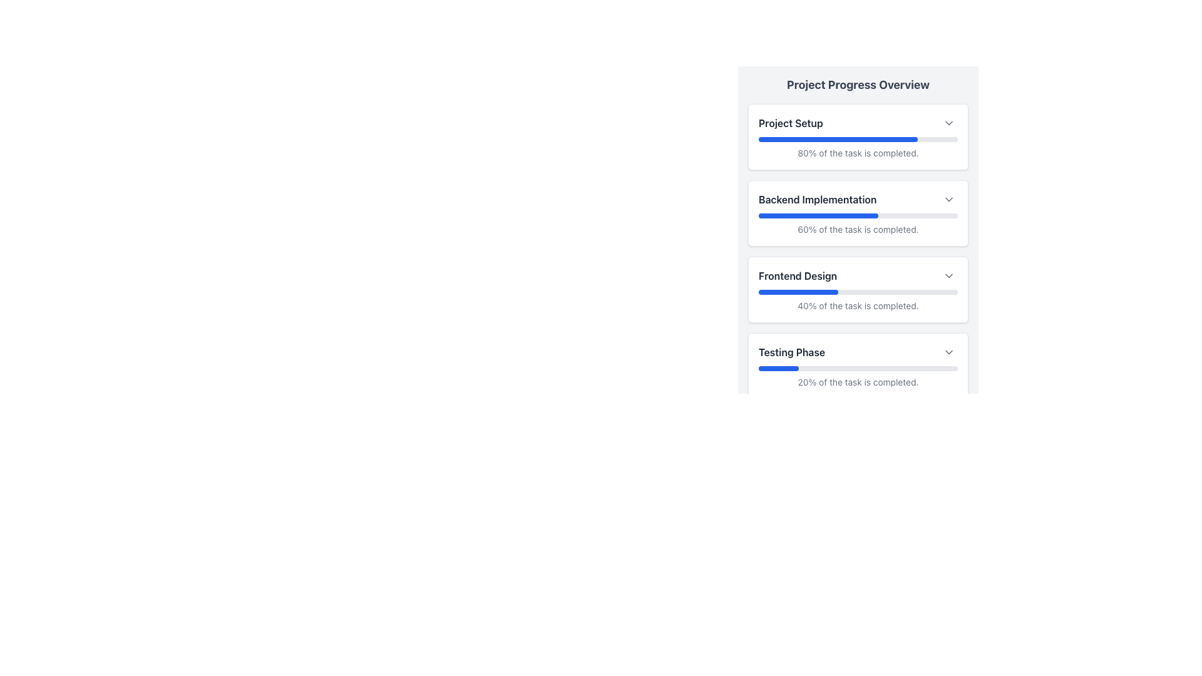  What do you see at coordinates (858, 352) in the screenshot?
I see `the 'Testing Phase' section in the fourth white box` at bounding box center [858, 352].